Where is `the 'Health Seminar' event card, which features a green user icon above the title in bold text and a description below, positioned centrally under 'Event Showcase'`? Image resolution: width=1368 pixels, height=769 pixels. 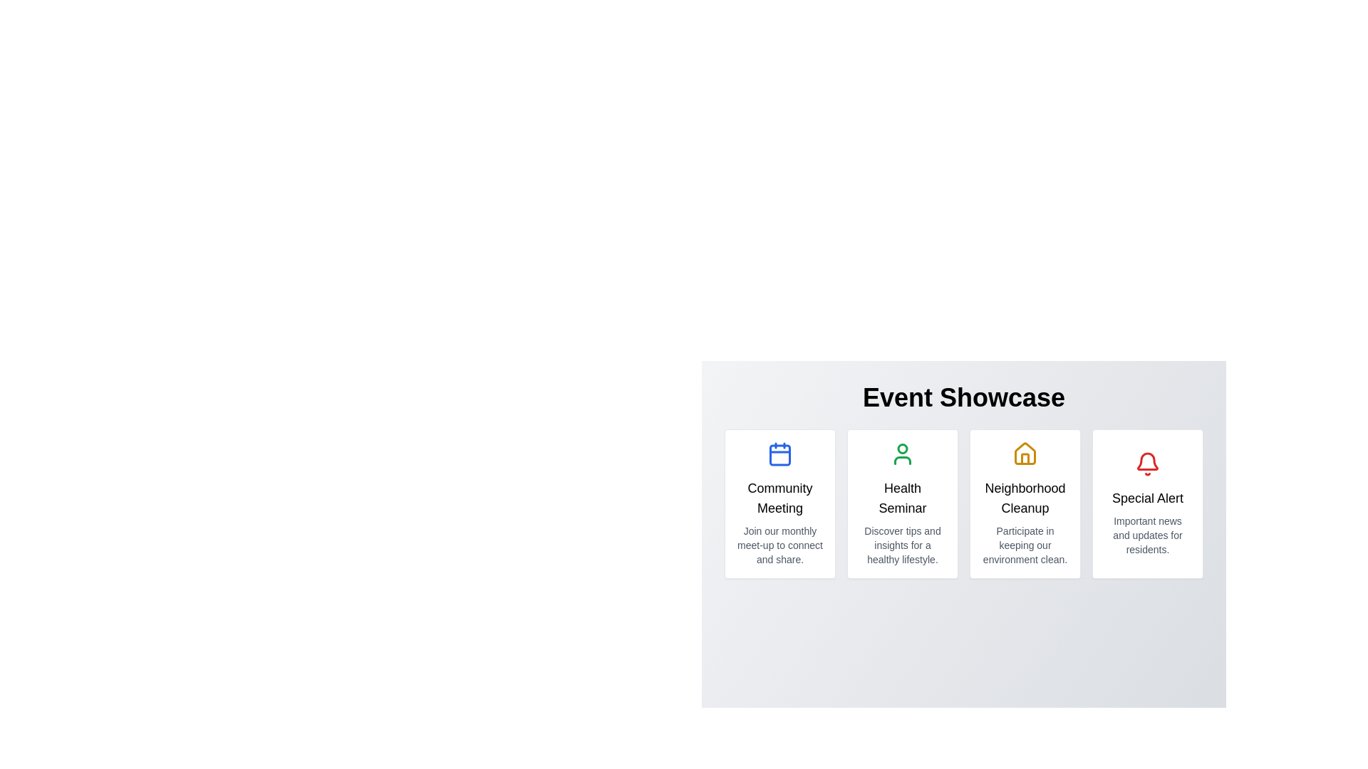 the 'Health Seminar' event card, which features a green user icon above the title in bold text and a description below, positioned centrally under 'Event Showcase' is located at coordinates (902, 503).